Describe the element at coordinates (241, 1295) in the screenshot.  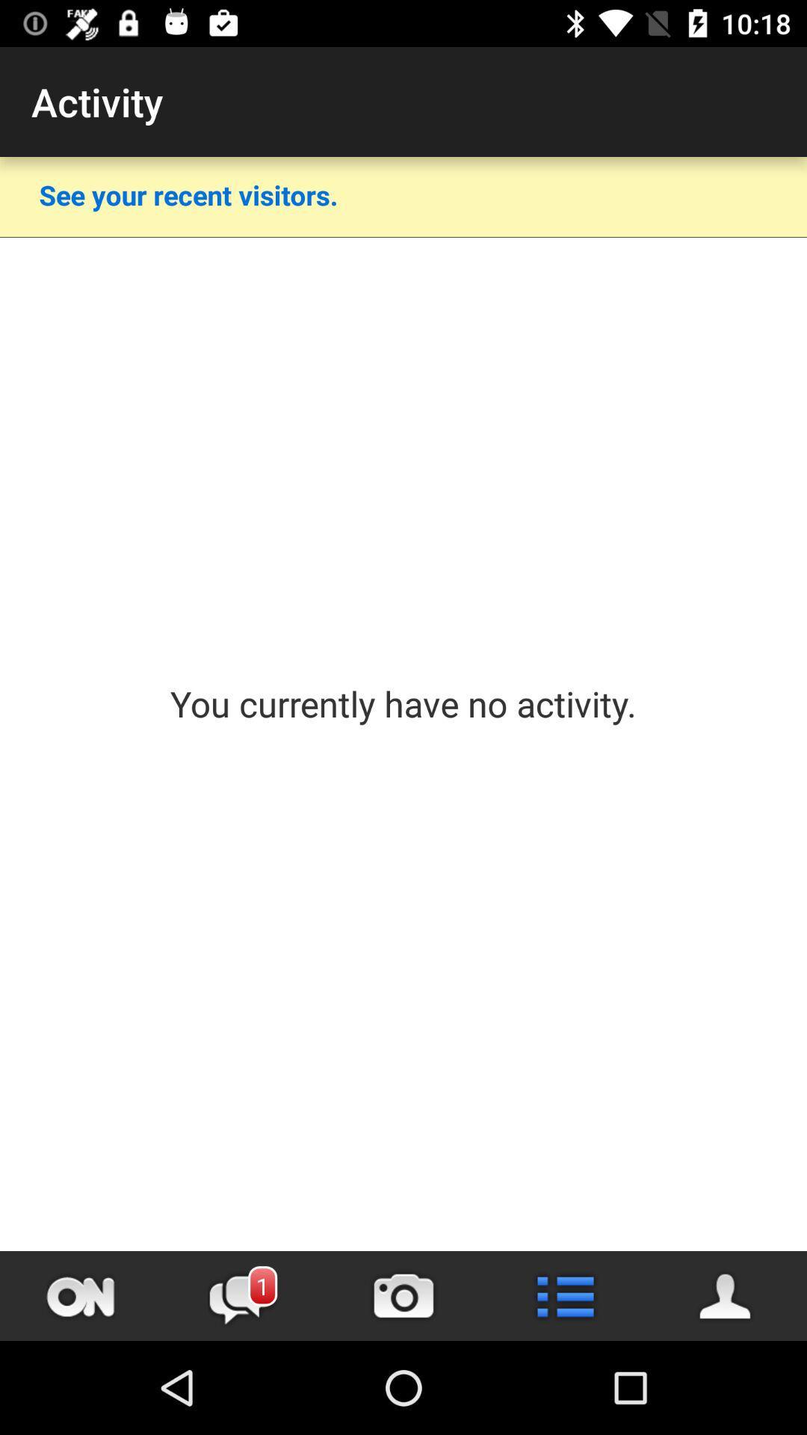
I see `switch messages option` at that location.